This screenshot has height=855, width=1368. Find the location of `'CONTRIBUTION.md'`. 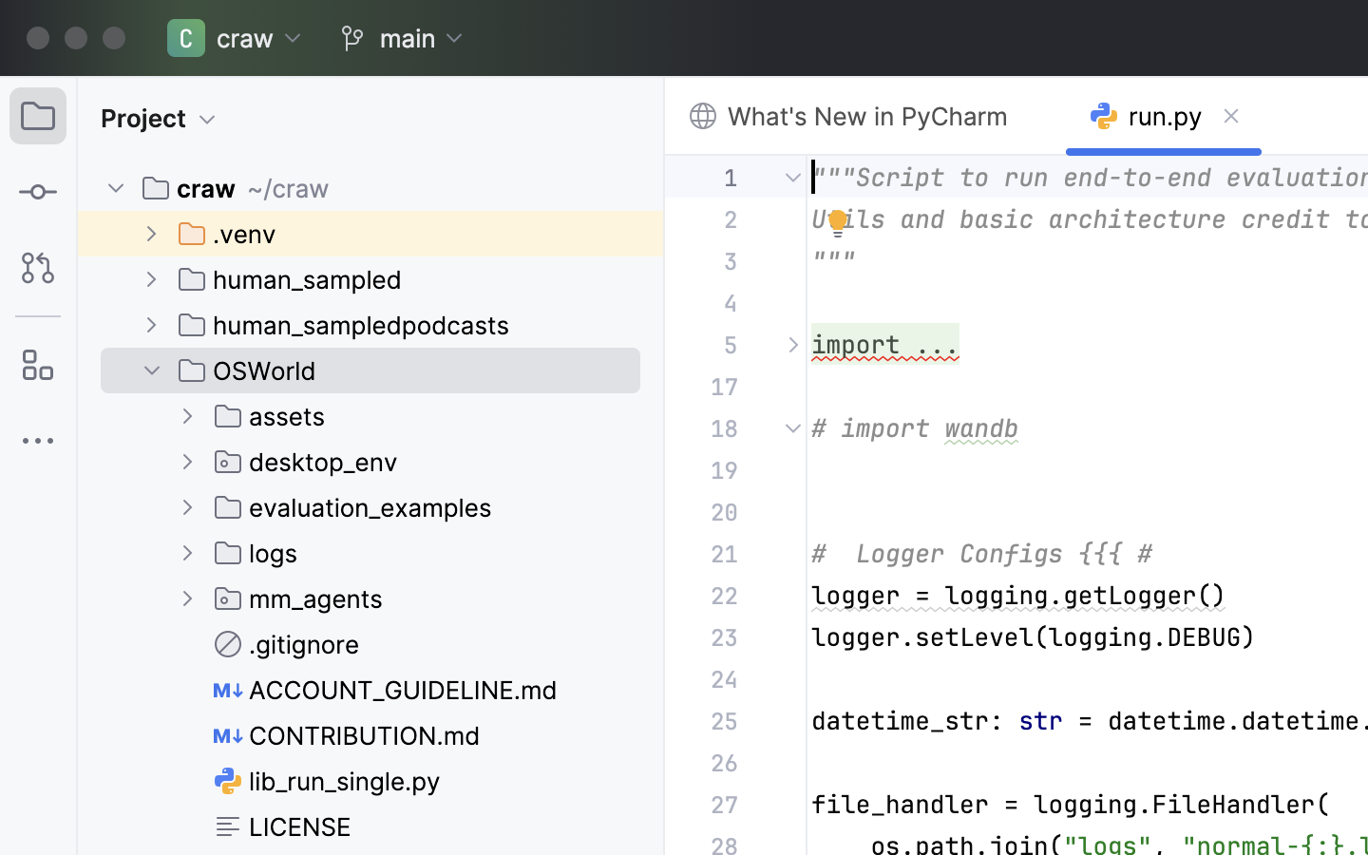

'CONTRIBUTION.md' is located at coordinates (347, 734).